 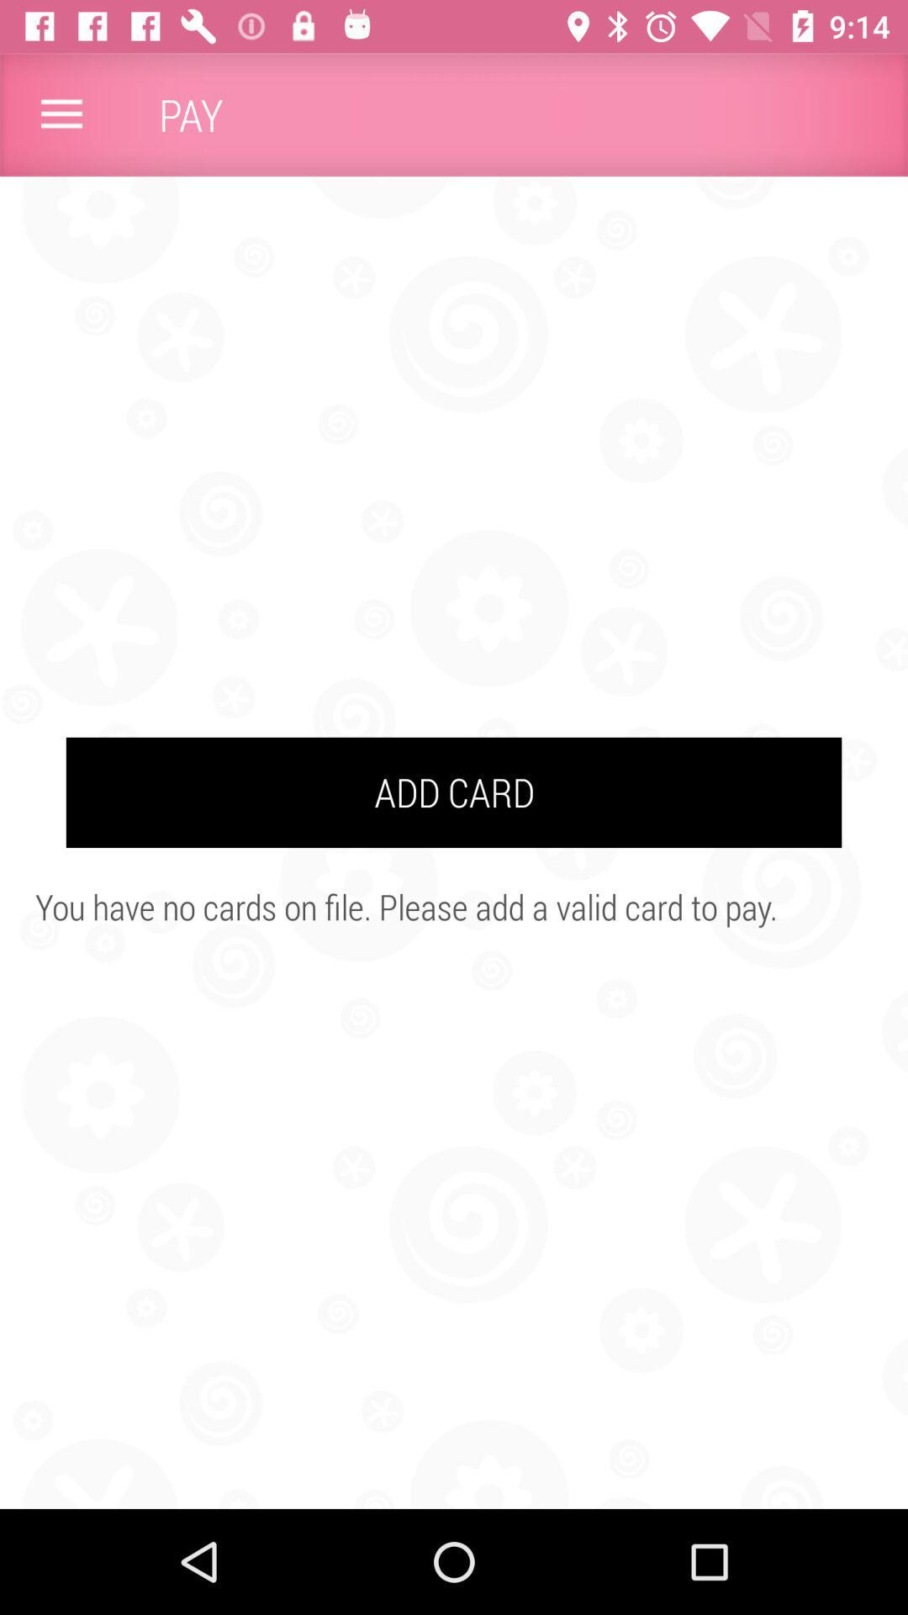 What do you see at coordinates (61, 114) in the screenshot?
I see `the item to the left of pay icon` at bounding box center [61, 114].